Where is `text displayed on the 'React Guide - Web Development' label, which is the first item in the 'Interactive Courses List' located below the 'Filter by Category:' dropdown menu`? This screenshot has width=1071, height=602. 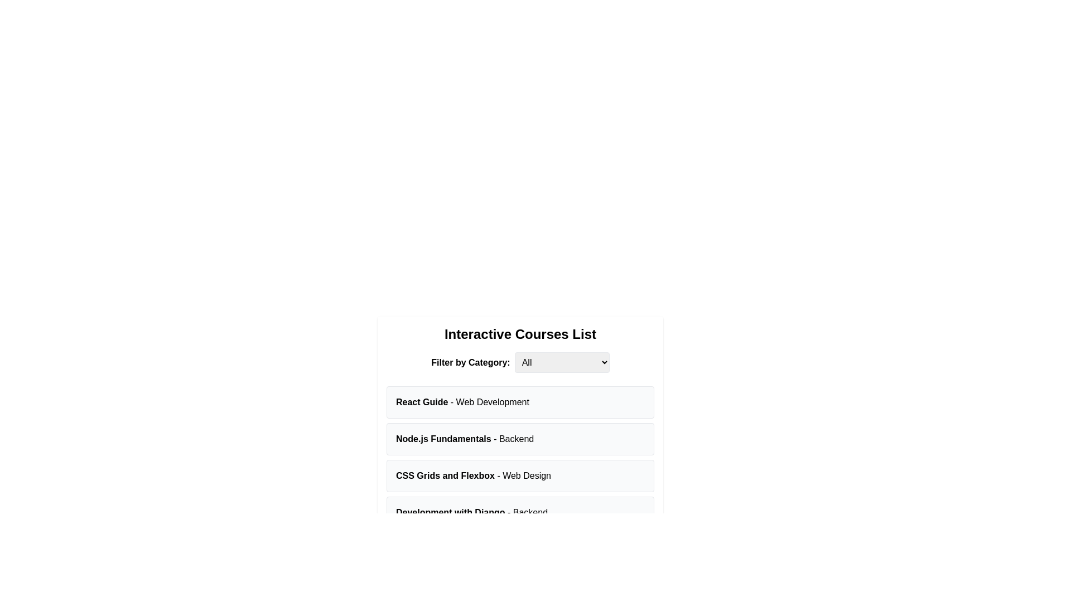 text displayed on the 'React Guide - Web Development' label, which is the first item in the 'Interactive Courses List' located below the 'Filter by Category:' dropdown menu is located at coordinates (462, 402).